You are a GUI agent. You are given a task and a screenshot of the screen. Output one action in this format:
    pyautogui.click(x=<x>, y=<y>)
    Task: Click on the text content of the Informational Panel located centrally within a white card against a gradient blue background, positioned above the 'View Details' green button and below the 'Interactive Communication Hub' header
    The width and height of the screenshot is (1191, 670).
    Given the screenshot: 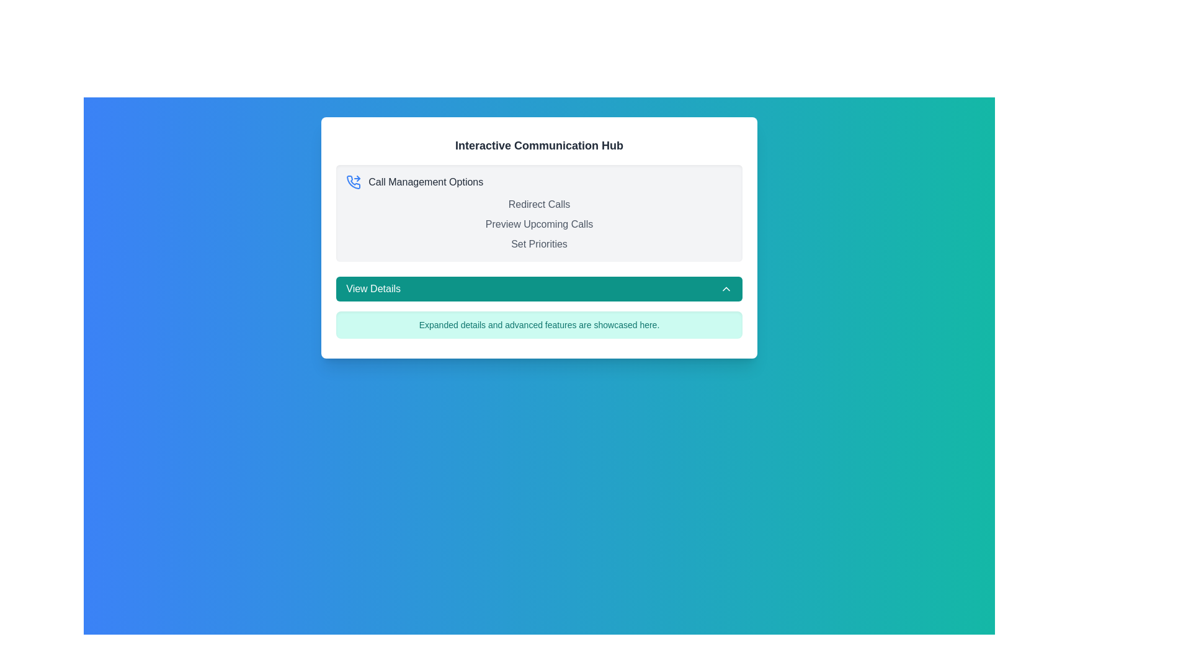 What is the action you would take?
    pyautogui.click(x=539, y=213)
    